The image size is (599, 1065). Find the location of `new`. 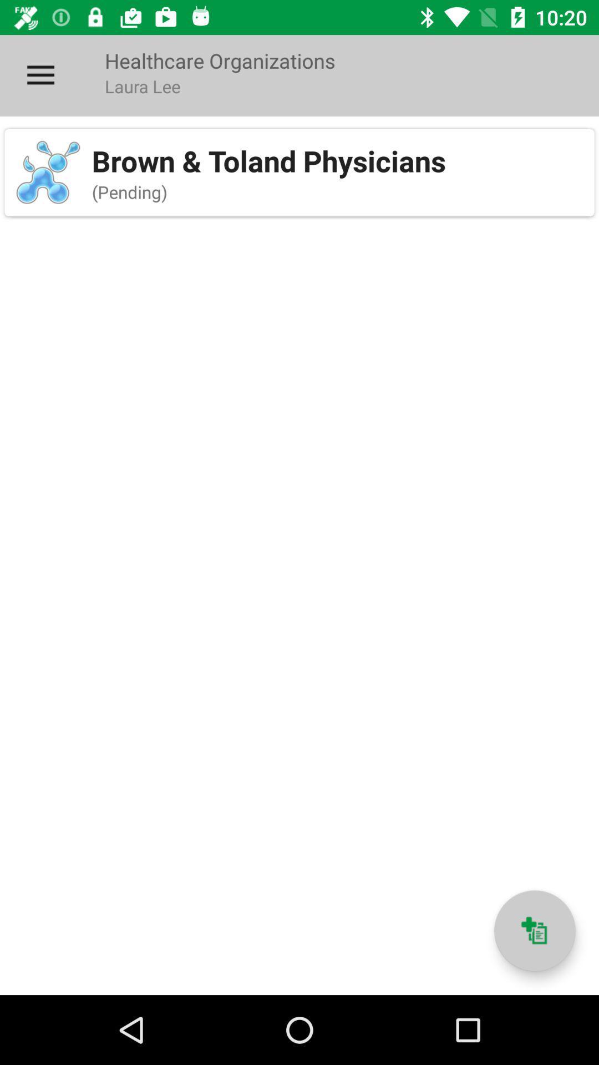

new is located at coordinates (534, 931).